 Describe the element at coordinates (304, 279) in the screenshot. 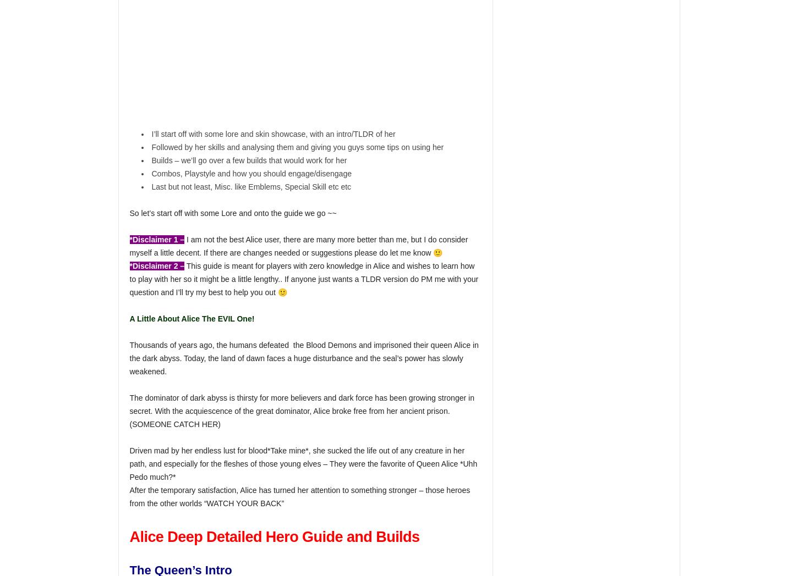

I see `'This guide is meant for players with zero knowledge in Alice and wishes to learn how to play with her so it might be a little lengthy.. If anyone just wants a TLDR version do PM me with your question and I’ll try my best to help you out 🙂'` at that location.